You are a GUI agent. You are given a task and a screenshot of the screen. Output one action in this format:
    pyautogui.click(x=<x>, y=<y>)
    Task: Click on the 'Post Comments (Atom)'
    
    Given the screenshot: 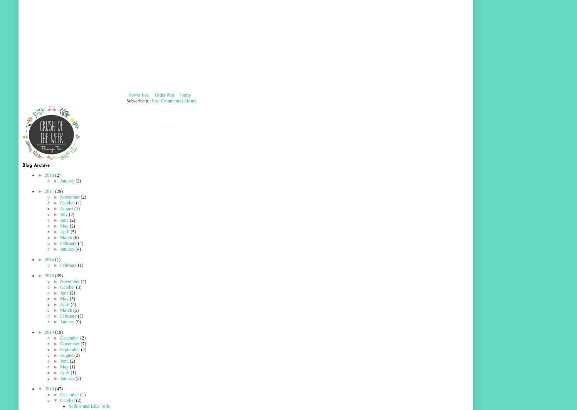 What is the action you would take?
    pyautogui.click(x=174, y=100)
    